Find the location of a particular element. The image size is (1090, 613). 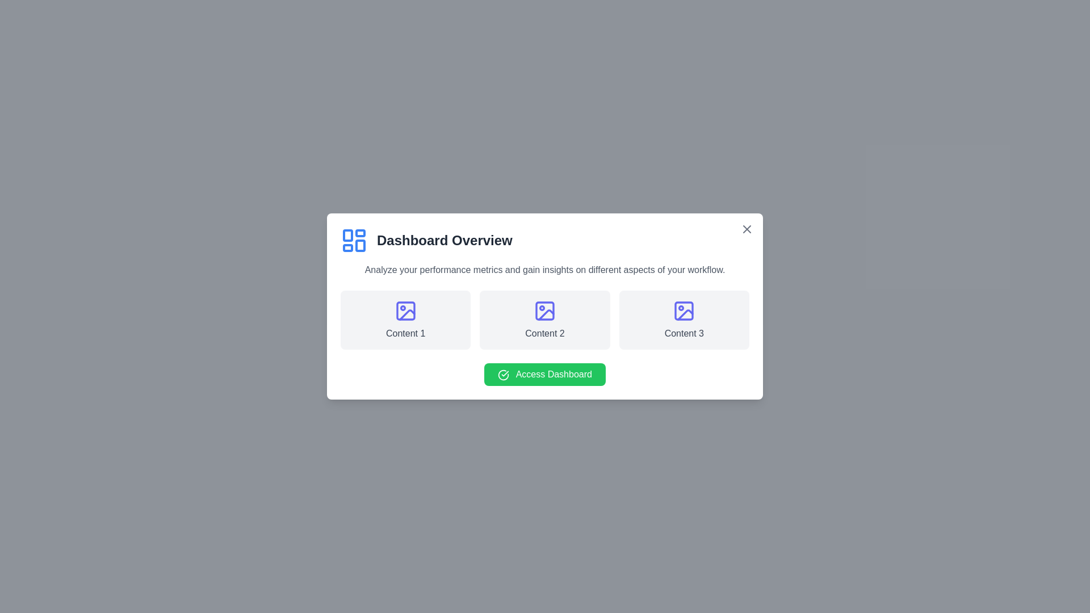

'Access Dashboard' button to proceed is located at coordinates (545, 374).